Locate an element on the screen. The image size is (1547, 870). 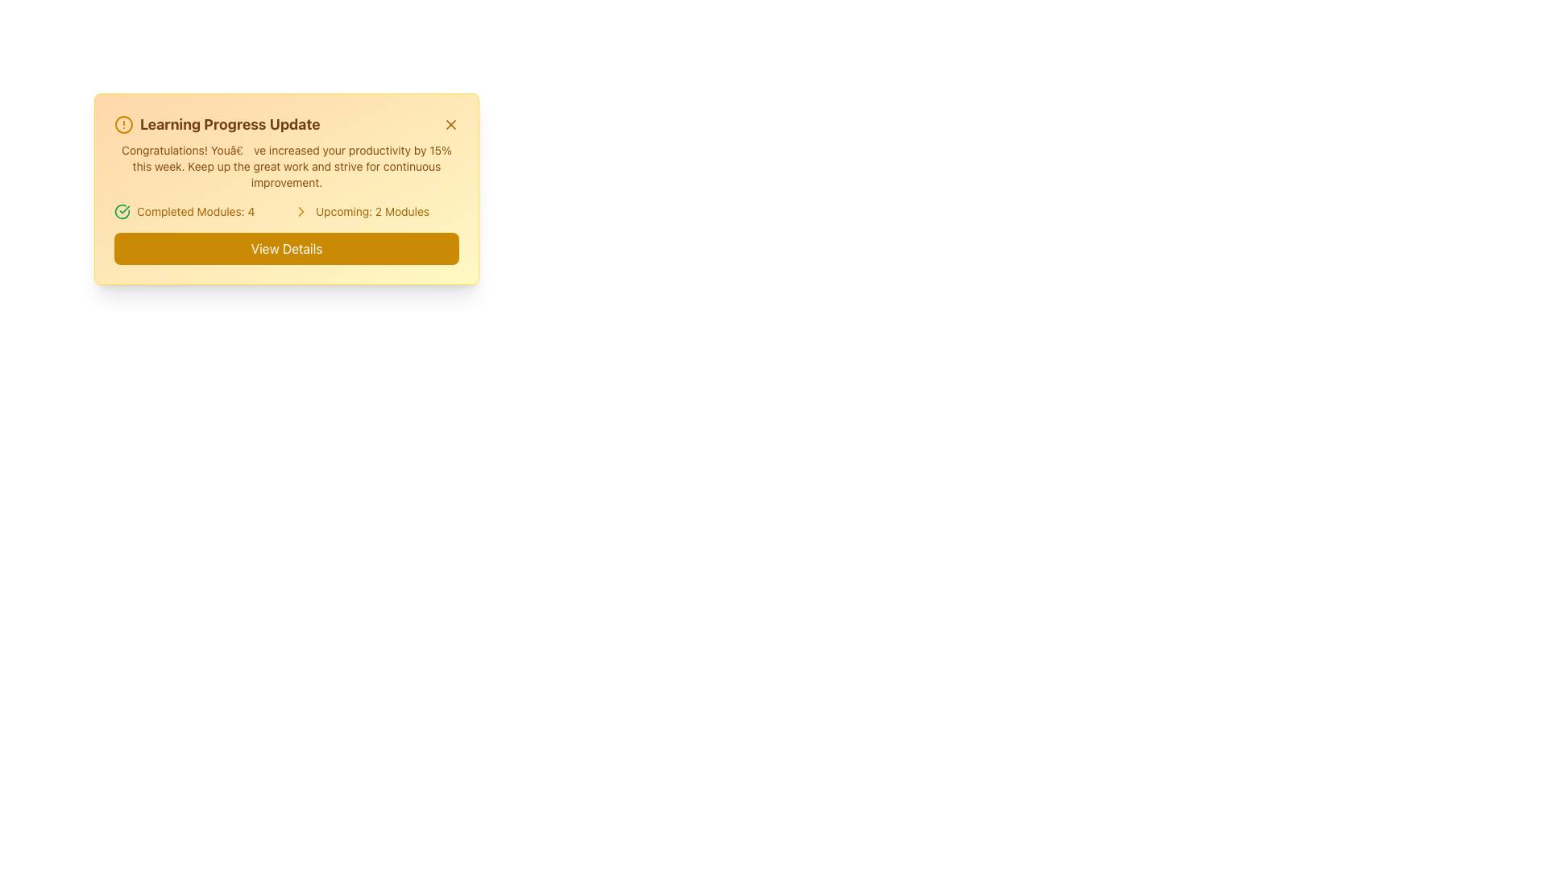
the text label at the top-center of the alert panel to interpret the message is located at coordinates (286, 123).